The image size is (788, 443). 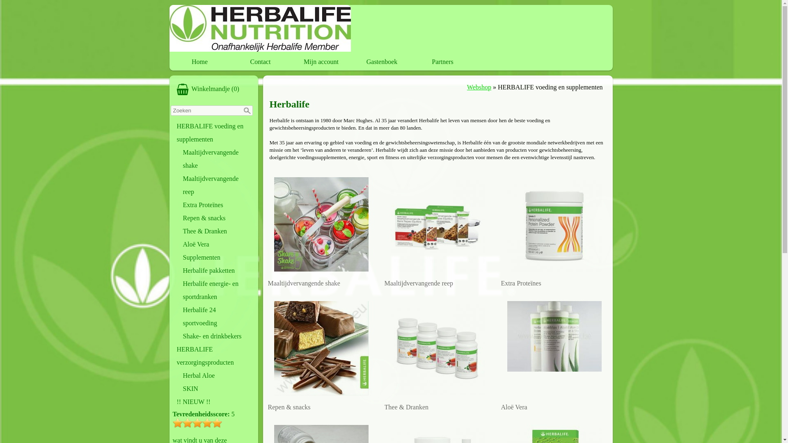 What do you see at coordinates (467, 87) in the screenshot?
I see `'Webshop'` at bounding box center [467, 87].